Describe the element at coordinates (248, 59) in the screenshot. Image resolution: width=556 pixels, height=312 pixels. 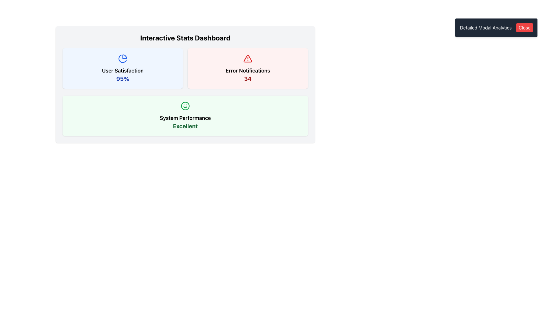
I see `the warning icon indicating error notifications located in the top-right panel of the dashboard interface, positioned above 'Error Notifications' and the number '34'` at that location.